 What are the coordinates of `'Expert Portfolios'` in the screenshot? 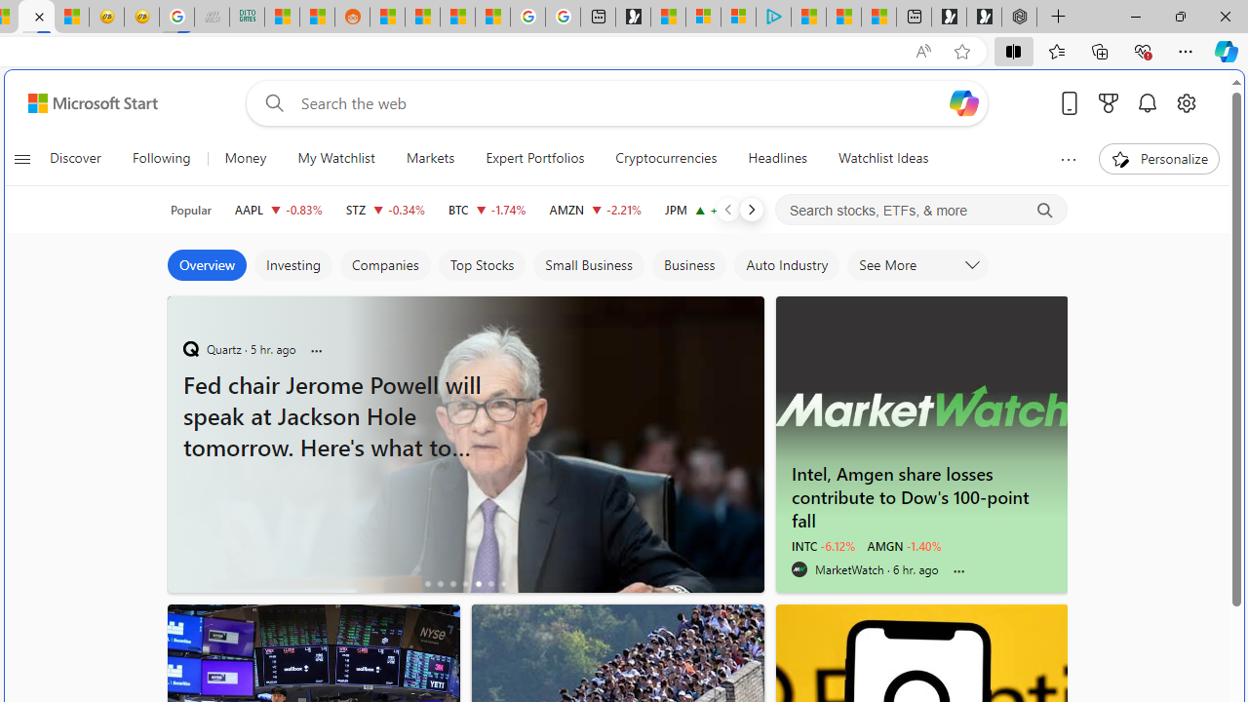 It's located at (535, 158).